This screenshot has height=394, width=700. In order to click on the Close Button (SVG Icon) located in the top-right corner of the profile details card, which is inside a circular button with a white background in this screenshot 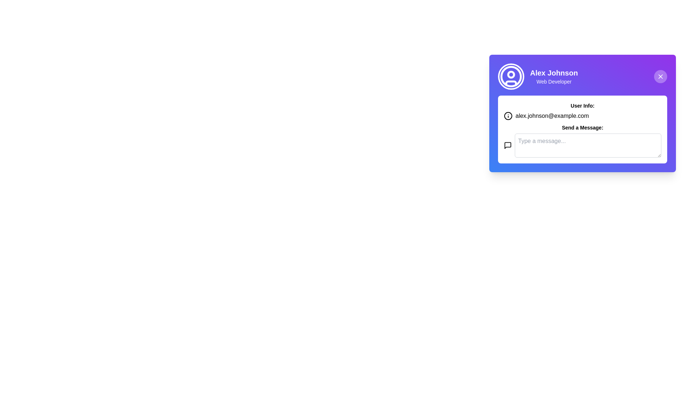, I will do `click(660, 76)`.